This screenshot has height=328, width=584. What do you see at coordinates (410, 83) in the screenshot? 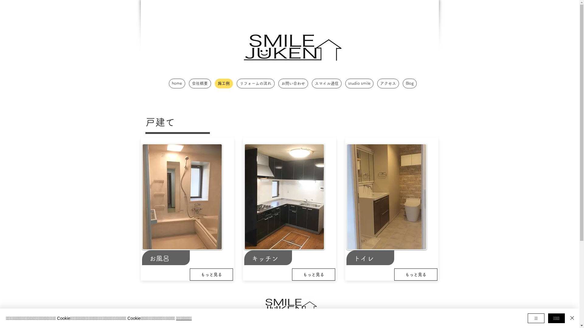
I see `'Blog'` at bounding box center [410, 83].